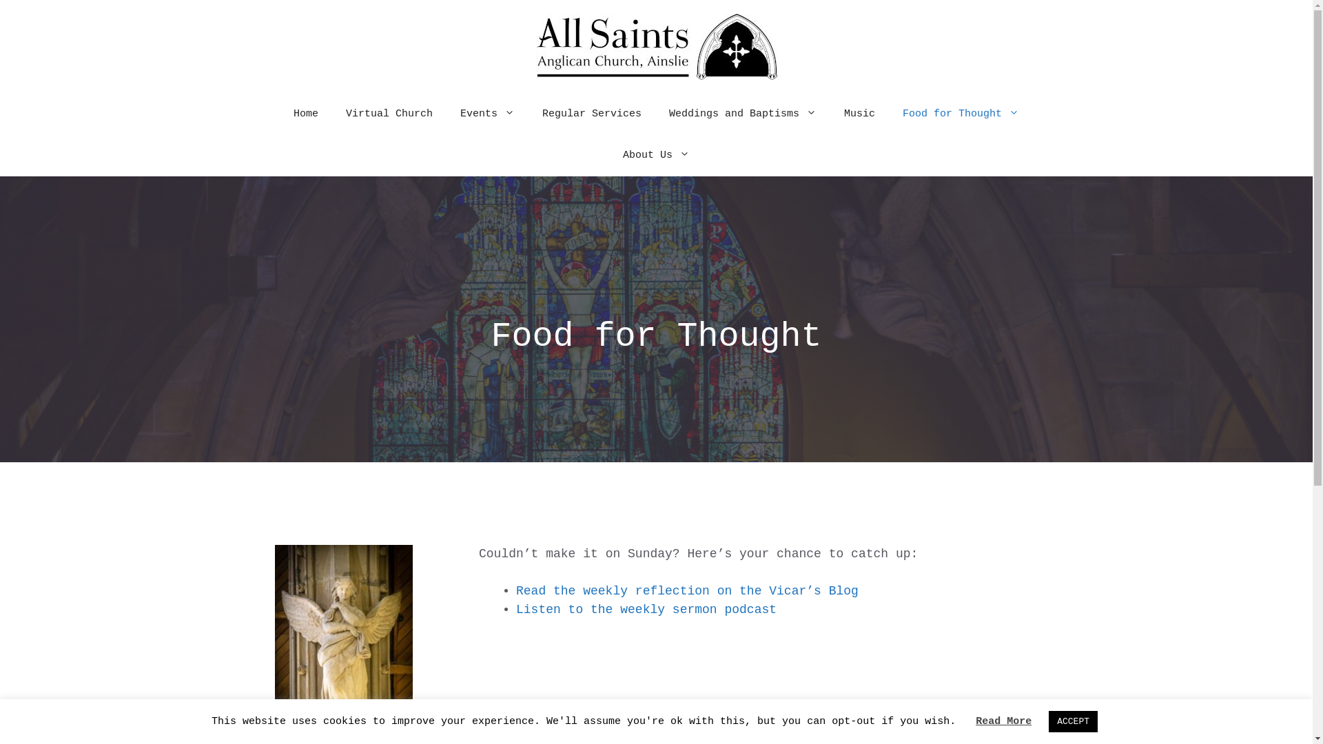 The image size is (1323, 744). I want to click on 'Regular Services', so click(592, 113).